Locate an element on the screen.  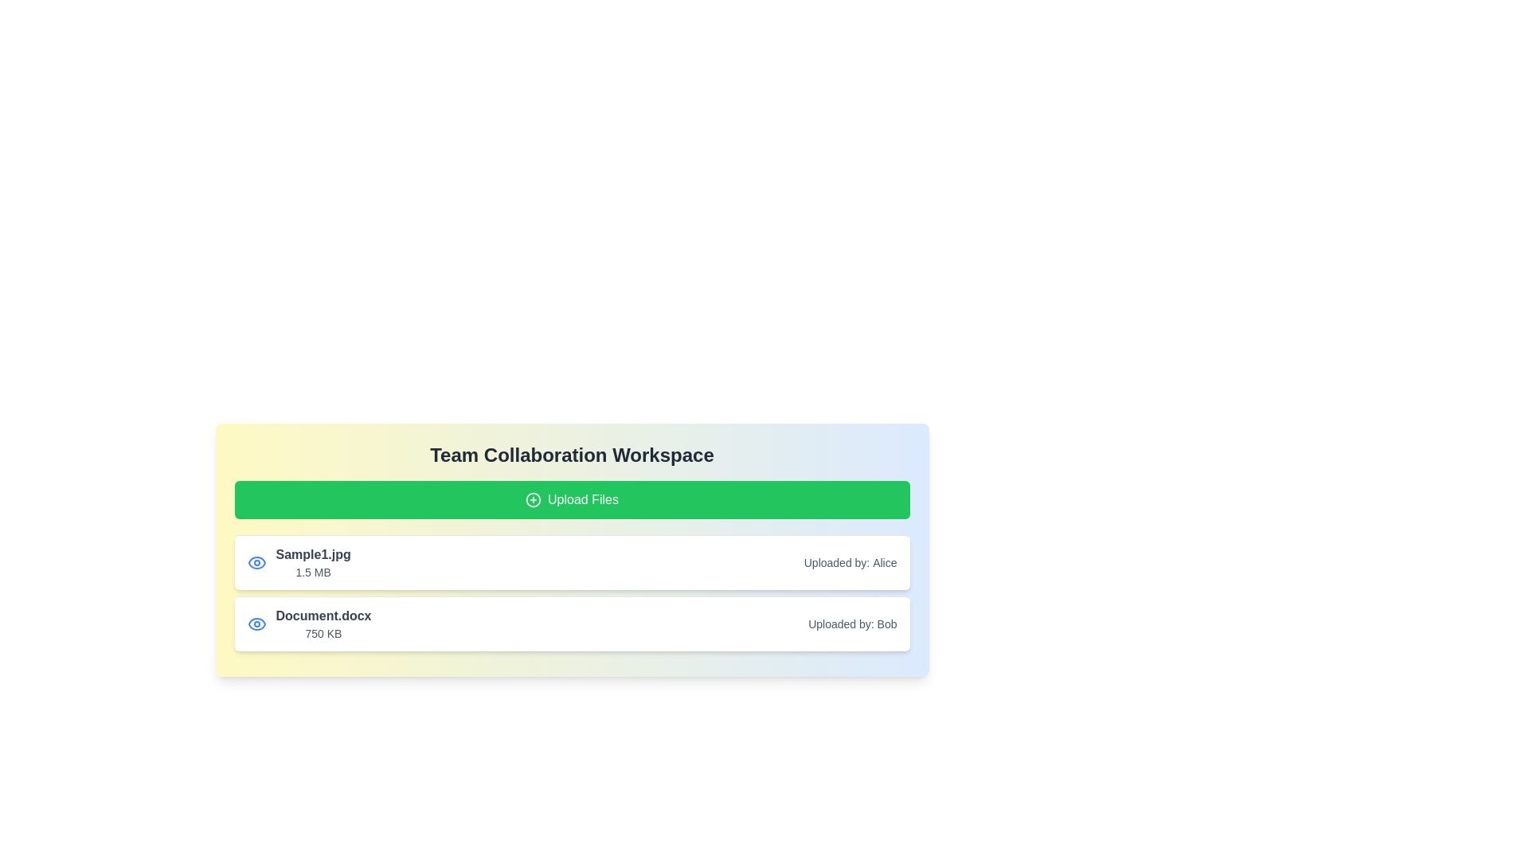
the 'Document.docx' textual informational display is located at coordinates (323, 623).